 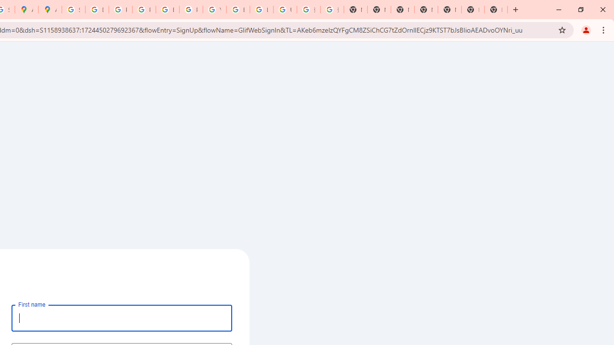 I want to click on 'First name', so click(x=121, y=318).